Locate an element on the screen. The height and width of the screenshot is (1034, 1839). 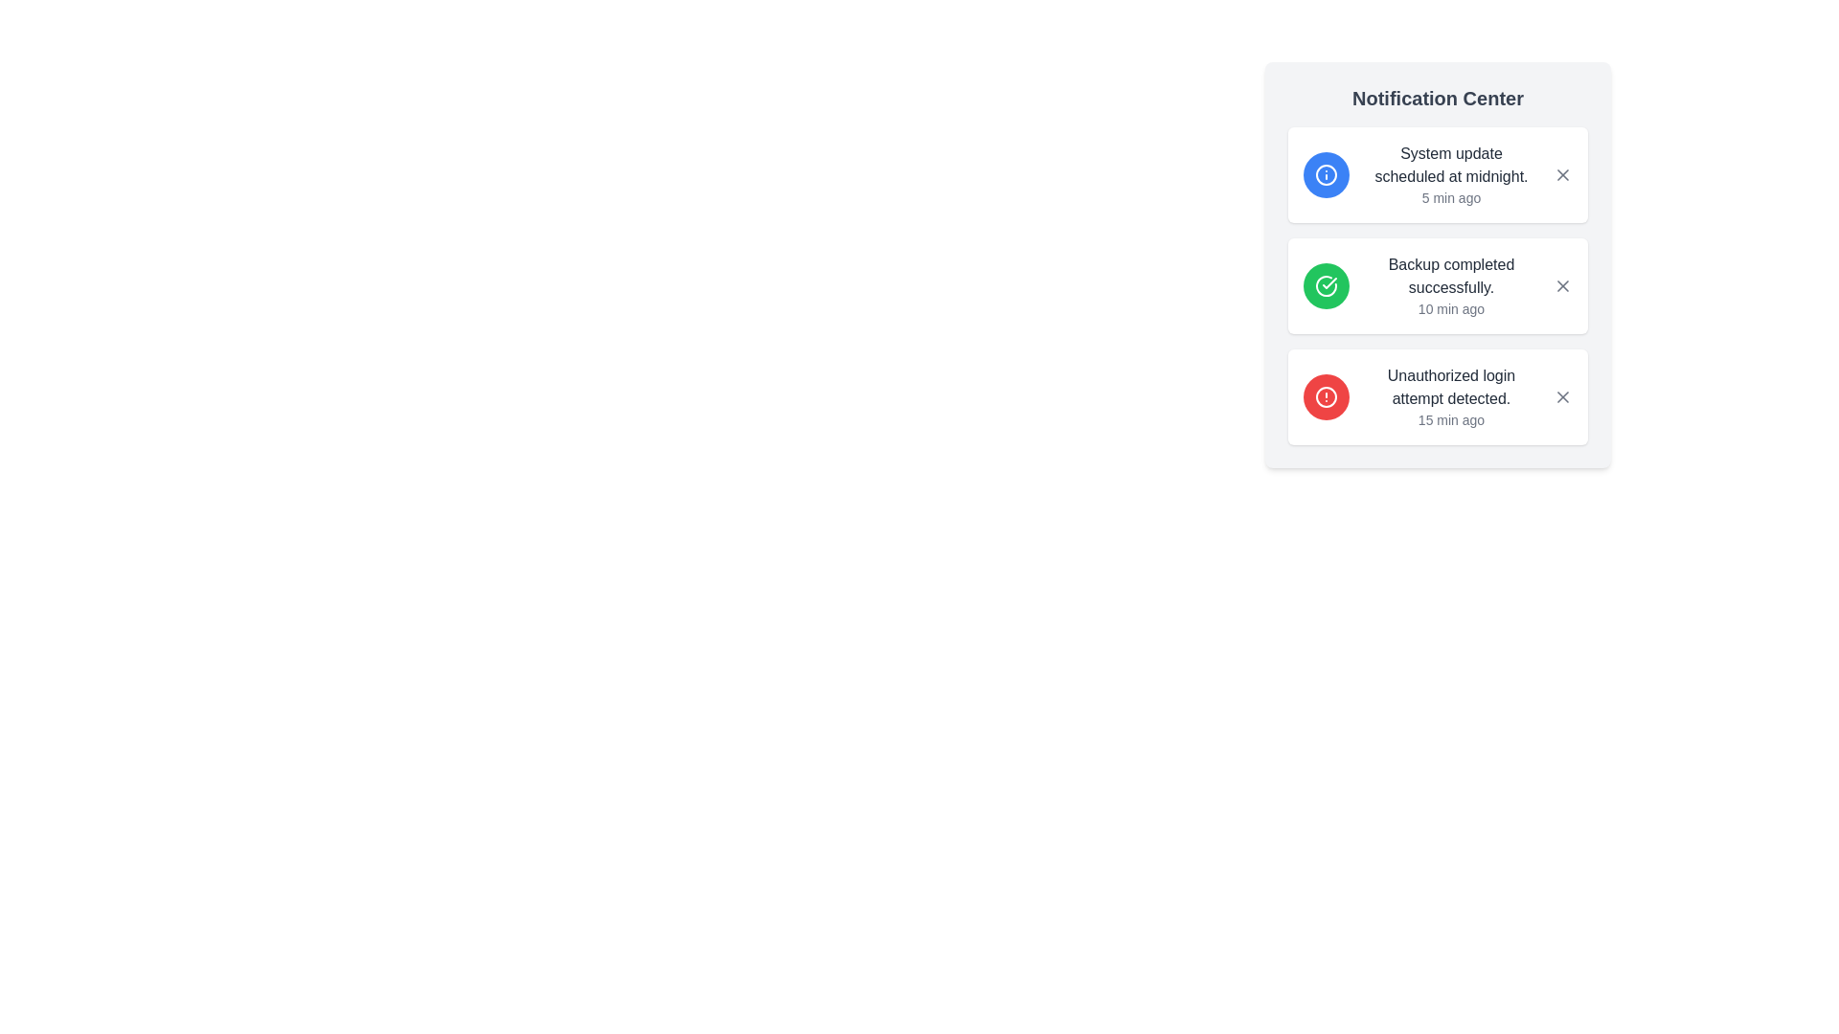
text label displaying the message 'Backup completed successfully.' located in the second notification card of the 'Notification Center' section, positioned below the green checkmark icon and above the timestamp '10 min ago' is located at coordinates (1451, 277).